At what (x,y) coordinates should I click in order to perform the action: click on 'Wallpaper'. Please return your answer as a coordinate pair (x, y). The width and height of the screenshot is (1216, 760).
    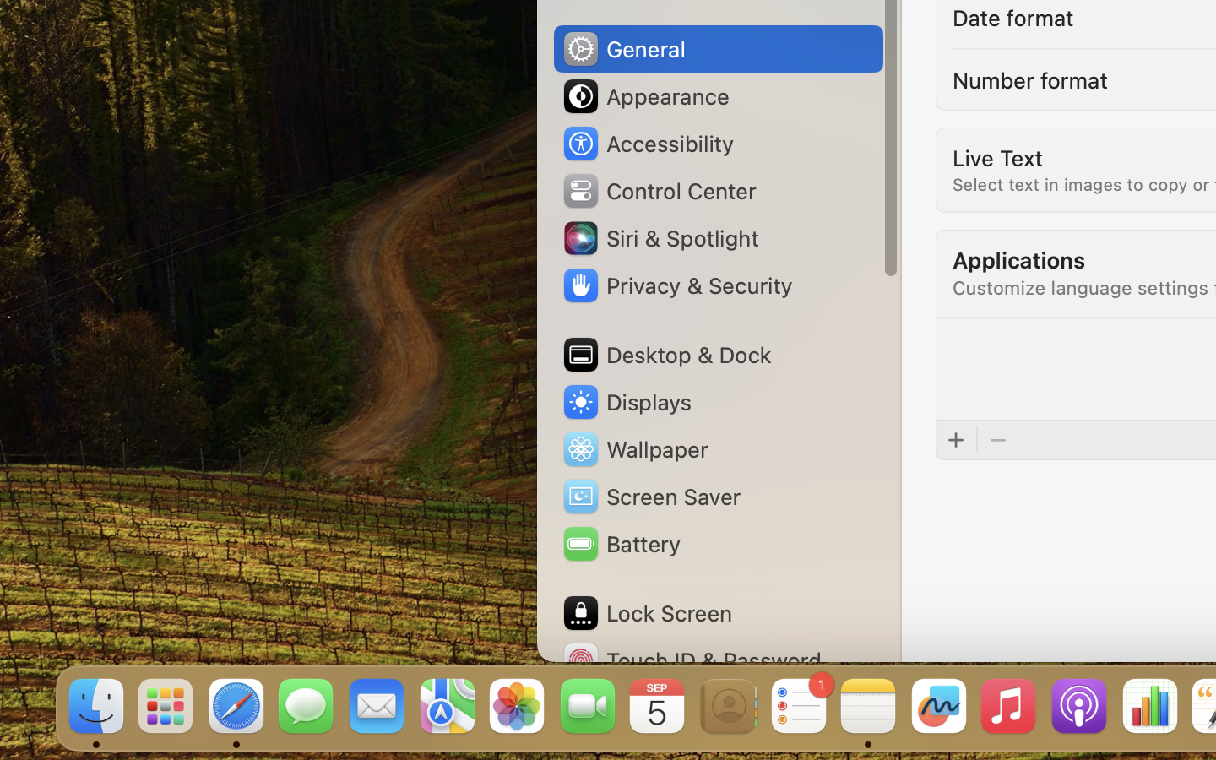
    Looking at the image, I should click on (632, 448).